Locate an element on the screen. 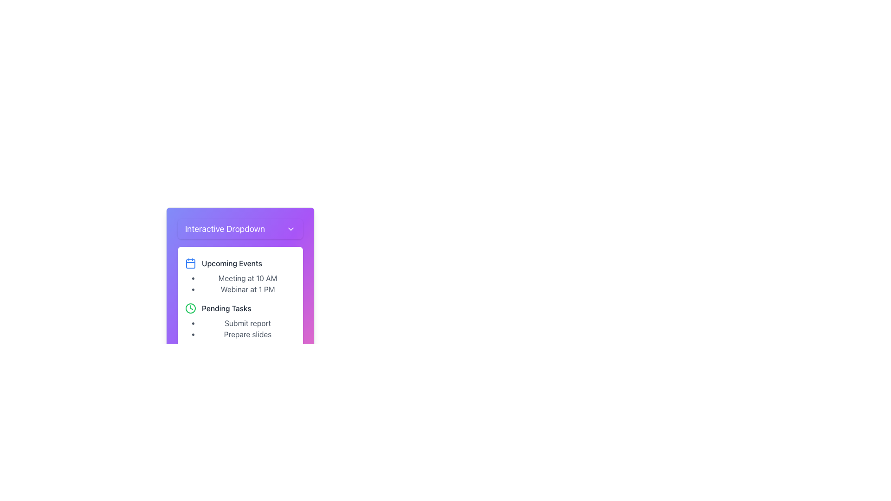 The image size is (891, 501). the first item in the 'Upcoming Events' section that displays a scheduled event with its time, located above the 'Webinar at 1 PM' text is located at coordinates (247, 278).